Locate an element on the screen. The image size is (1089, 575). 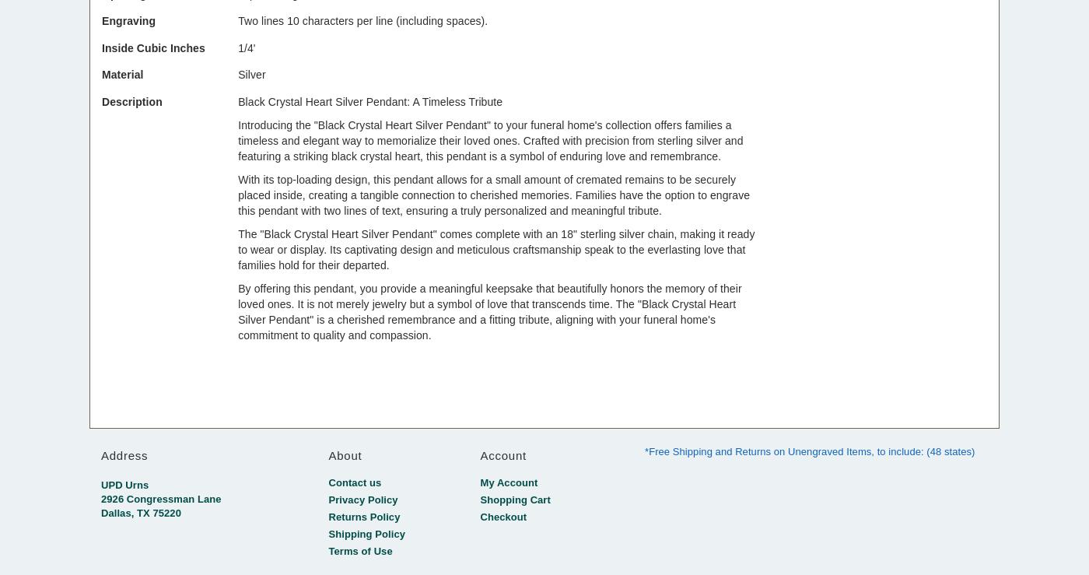
'With its top-loading design, this pendant allows for a small amount of cremated remains to be securely placed inside, creating a tangible connection to cherished memories. Families have the option to engrave this pendant with two lines of text, ensuring a truly personalized and meaningful tribute.' is located at coordinates (494, 195).